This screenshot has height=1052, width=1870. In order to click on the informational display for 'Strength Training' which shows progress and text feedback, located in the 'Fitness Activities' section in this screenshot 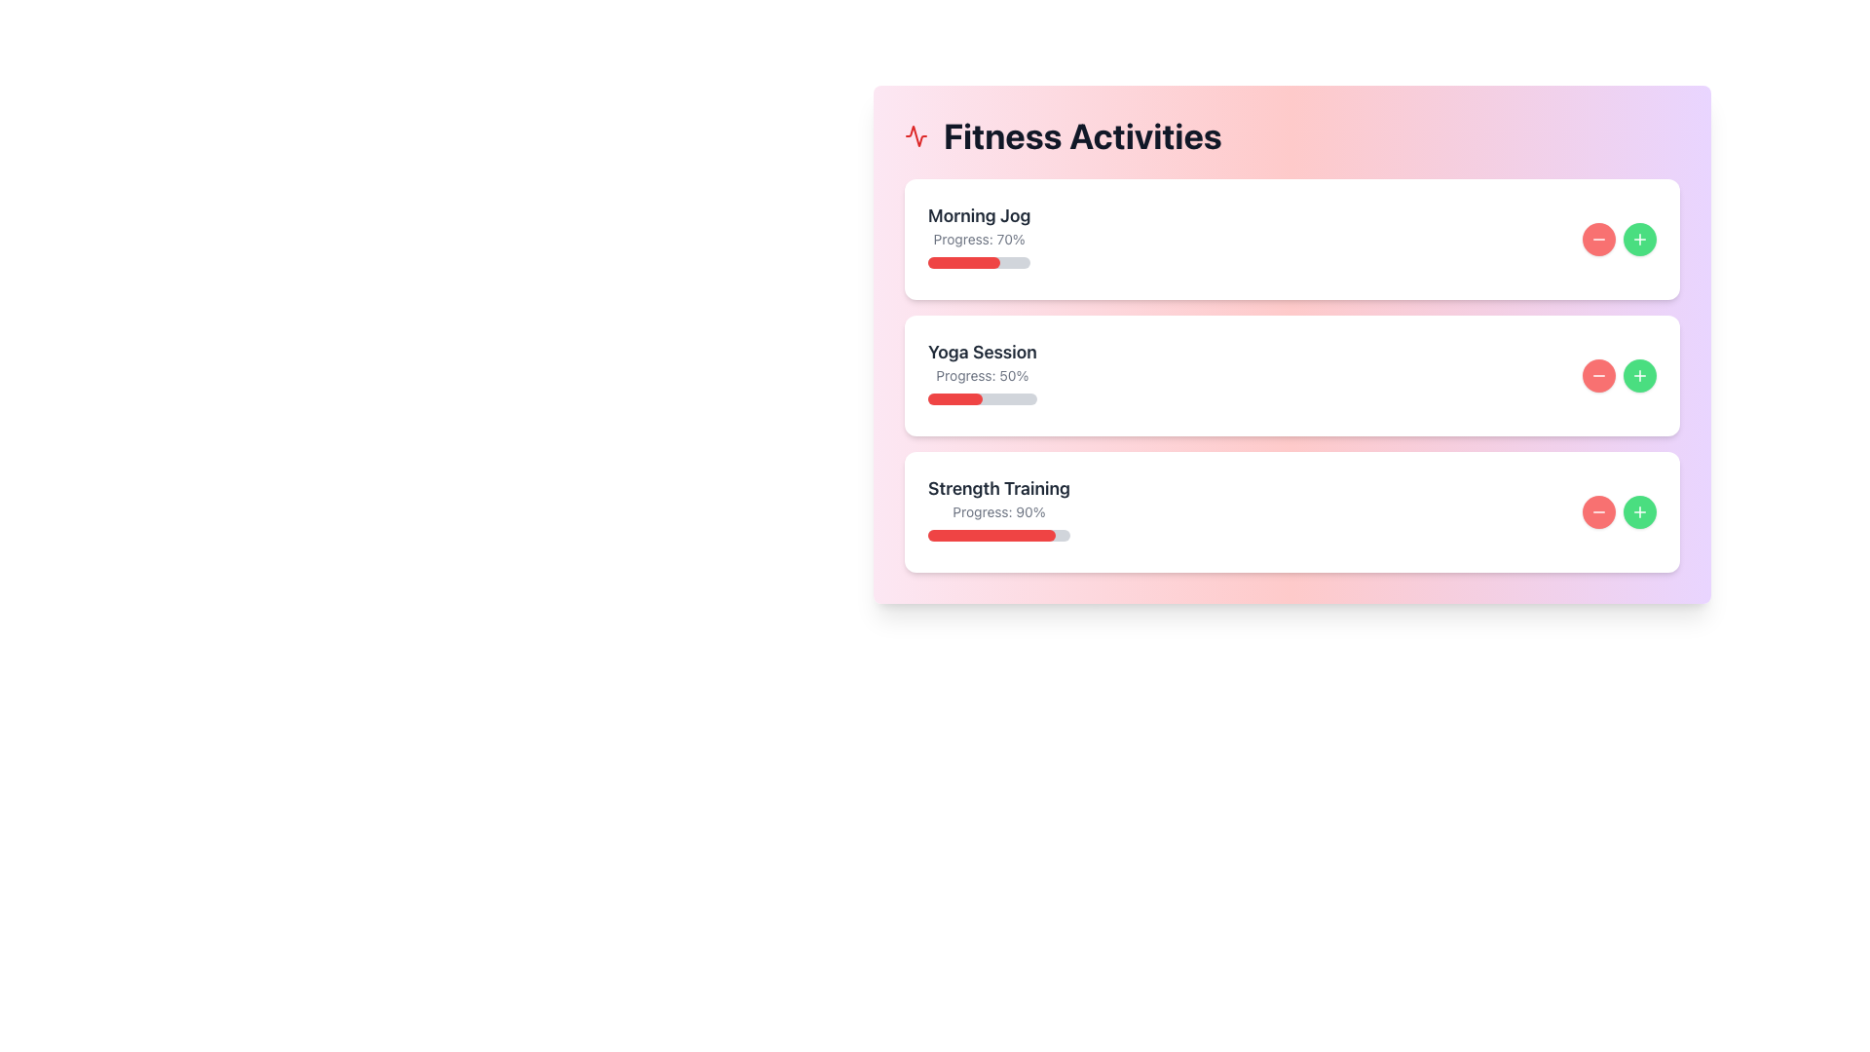, I will do `click(998, 510)`.